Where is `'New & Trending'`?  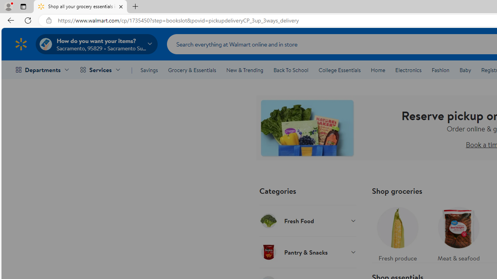 'New & Trending' is located at coordinates (245, 70).